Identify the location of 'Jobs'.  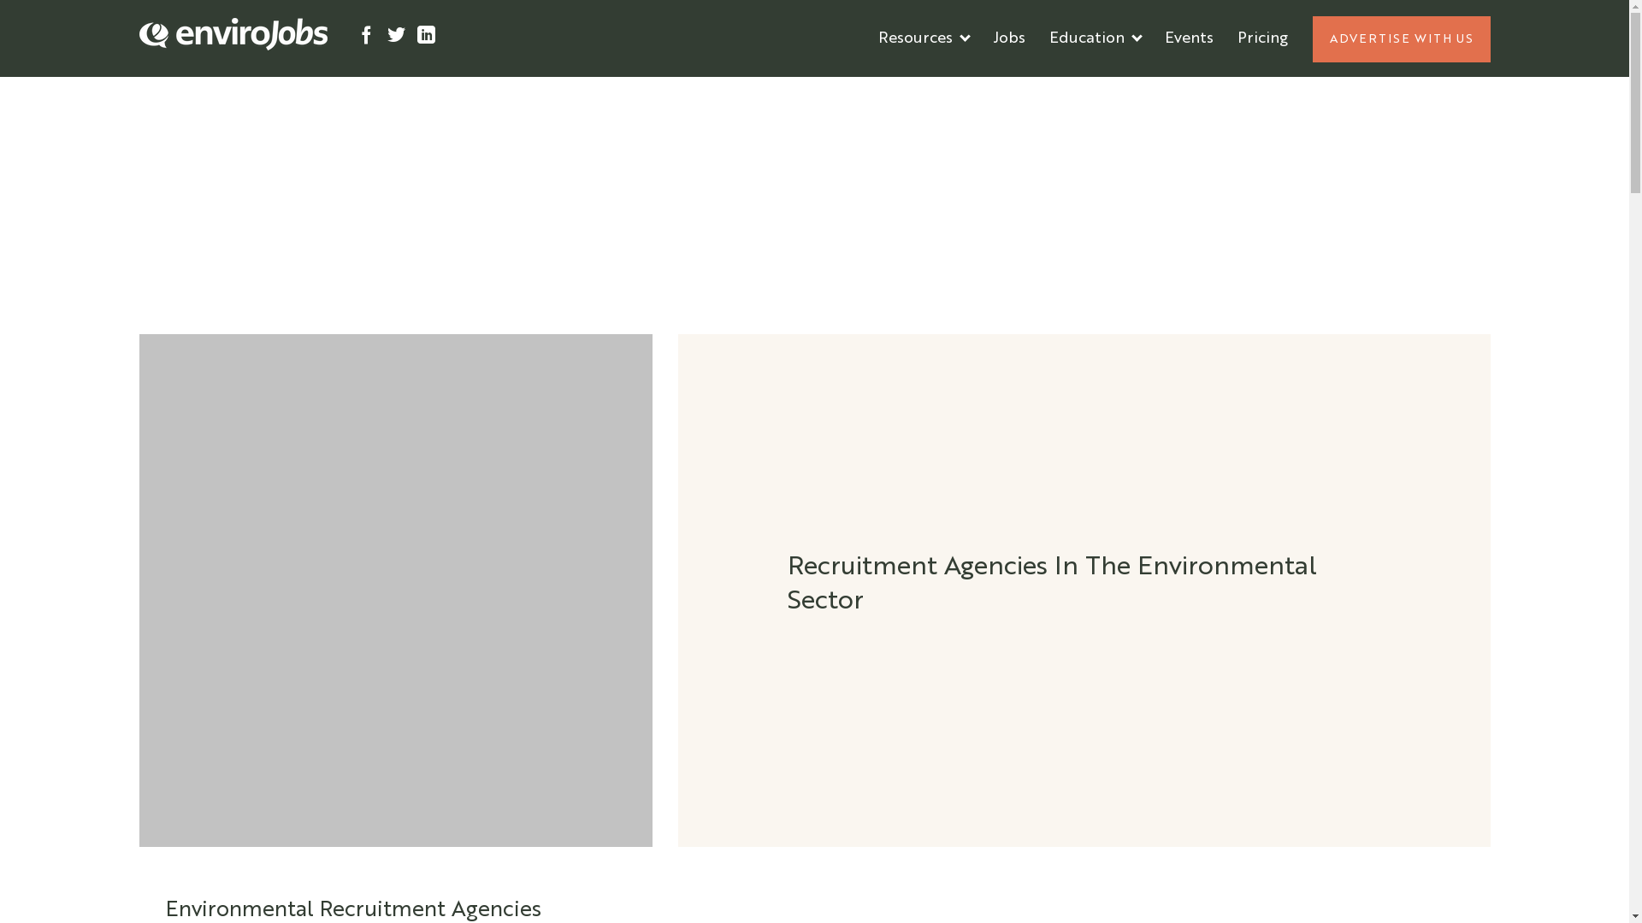
(1008, 38).